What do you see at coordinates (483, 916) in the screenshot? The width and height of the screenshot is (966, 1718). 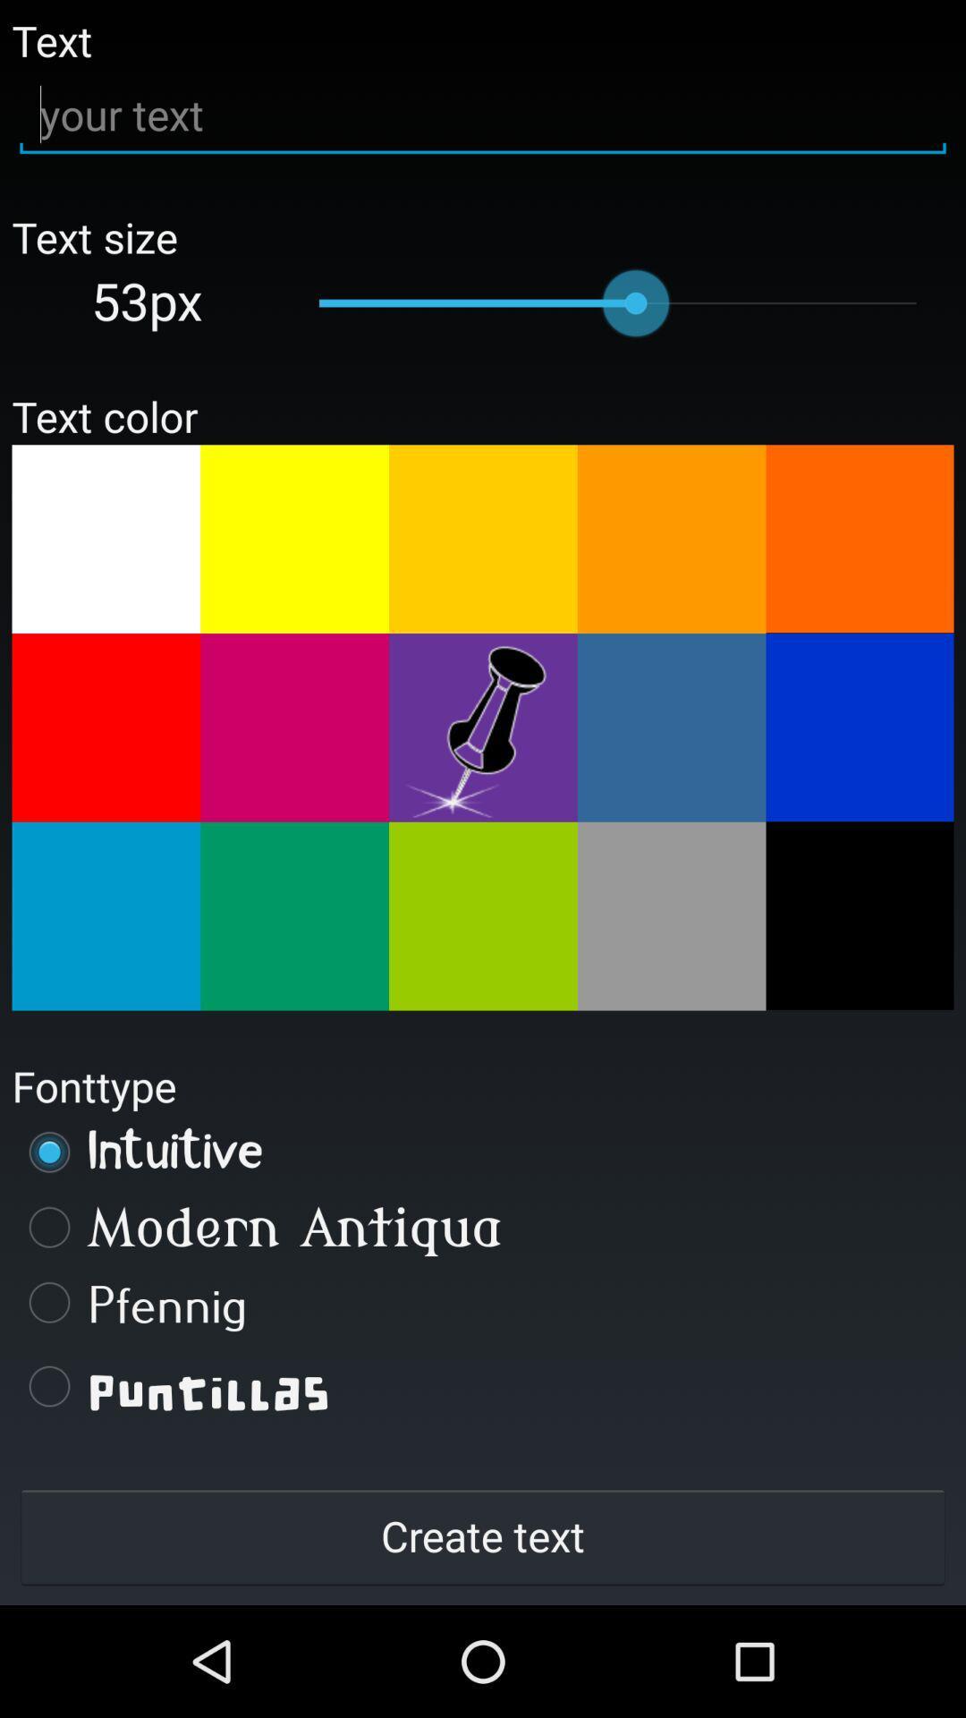 I see `green color` at bounding box center [483, 916].